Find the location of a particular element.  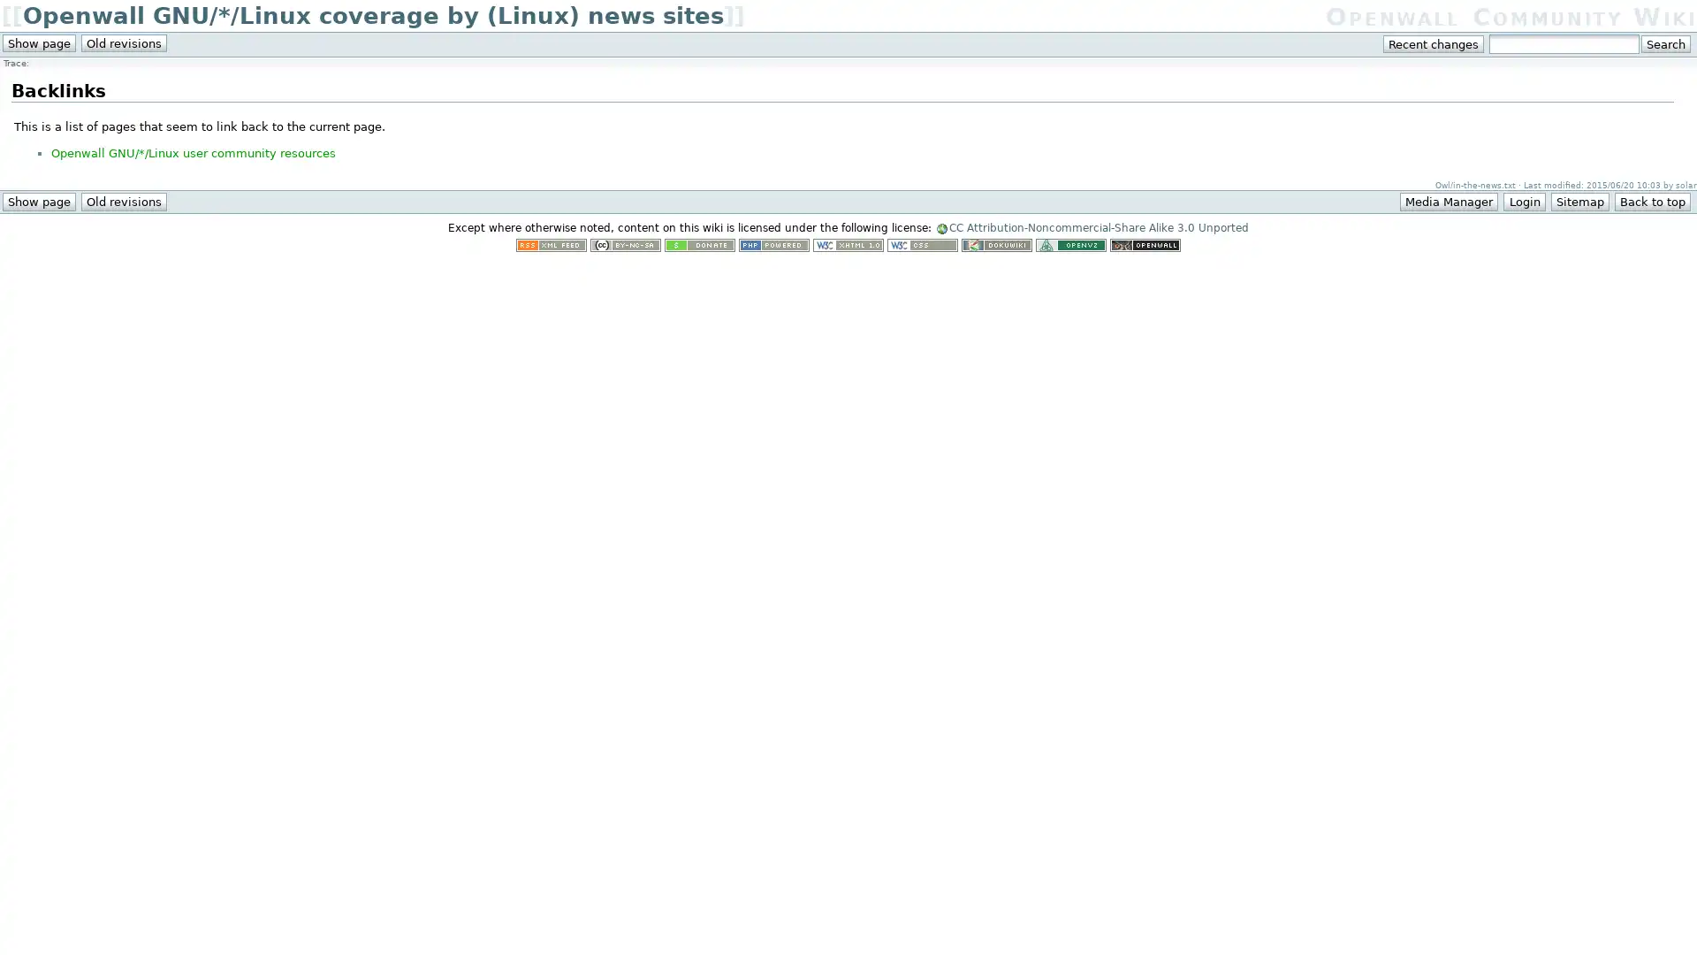

Old revisions is located at coordinates (123, 200).